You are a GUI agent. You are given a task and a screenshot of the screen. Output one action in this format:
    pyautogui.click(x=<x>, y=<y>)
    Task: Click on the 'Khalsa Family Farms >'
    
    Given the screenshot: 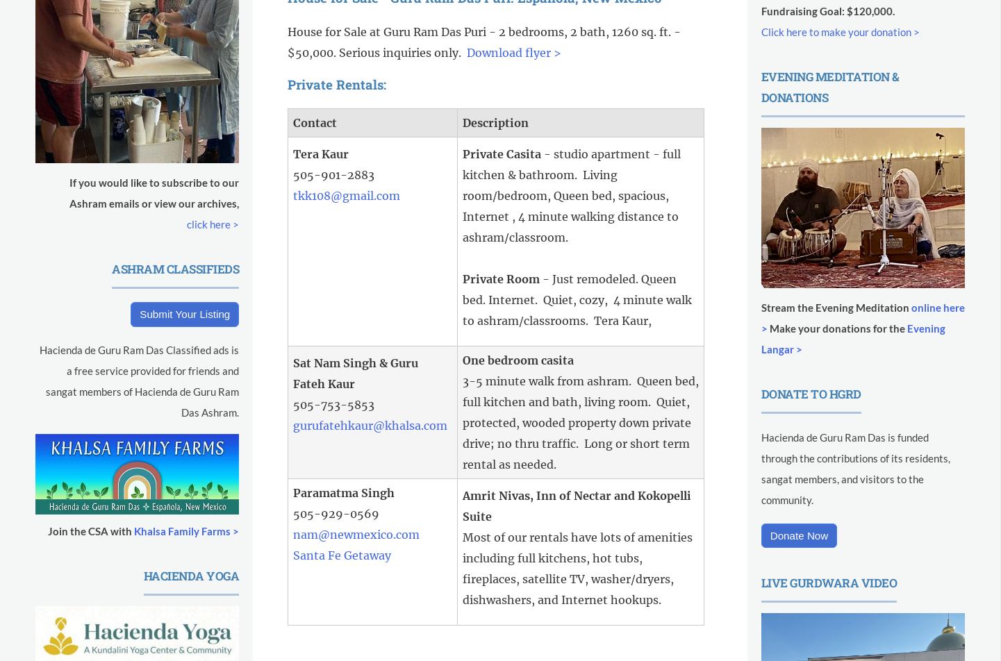 What is the action you would take?
    pyautogui.click(x=185, y=530)
    